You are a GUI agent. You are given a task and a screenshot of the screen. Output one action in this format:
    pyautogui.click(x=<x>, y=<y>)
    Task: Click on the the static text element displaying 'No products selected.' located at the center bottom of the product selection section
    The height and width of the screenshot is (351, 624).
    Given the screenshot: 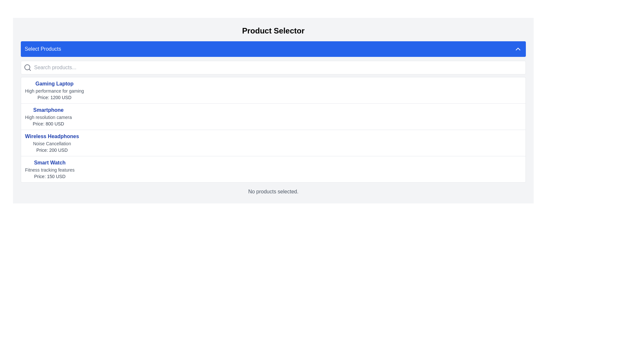 What is the action you would take?
    pyautogui.click(x=273, y=191)
    